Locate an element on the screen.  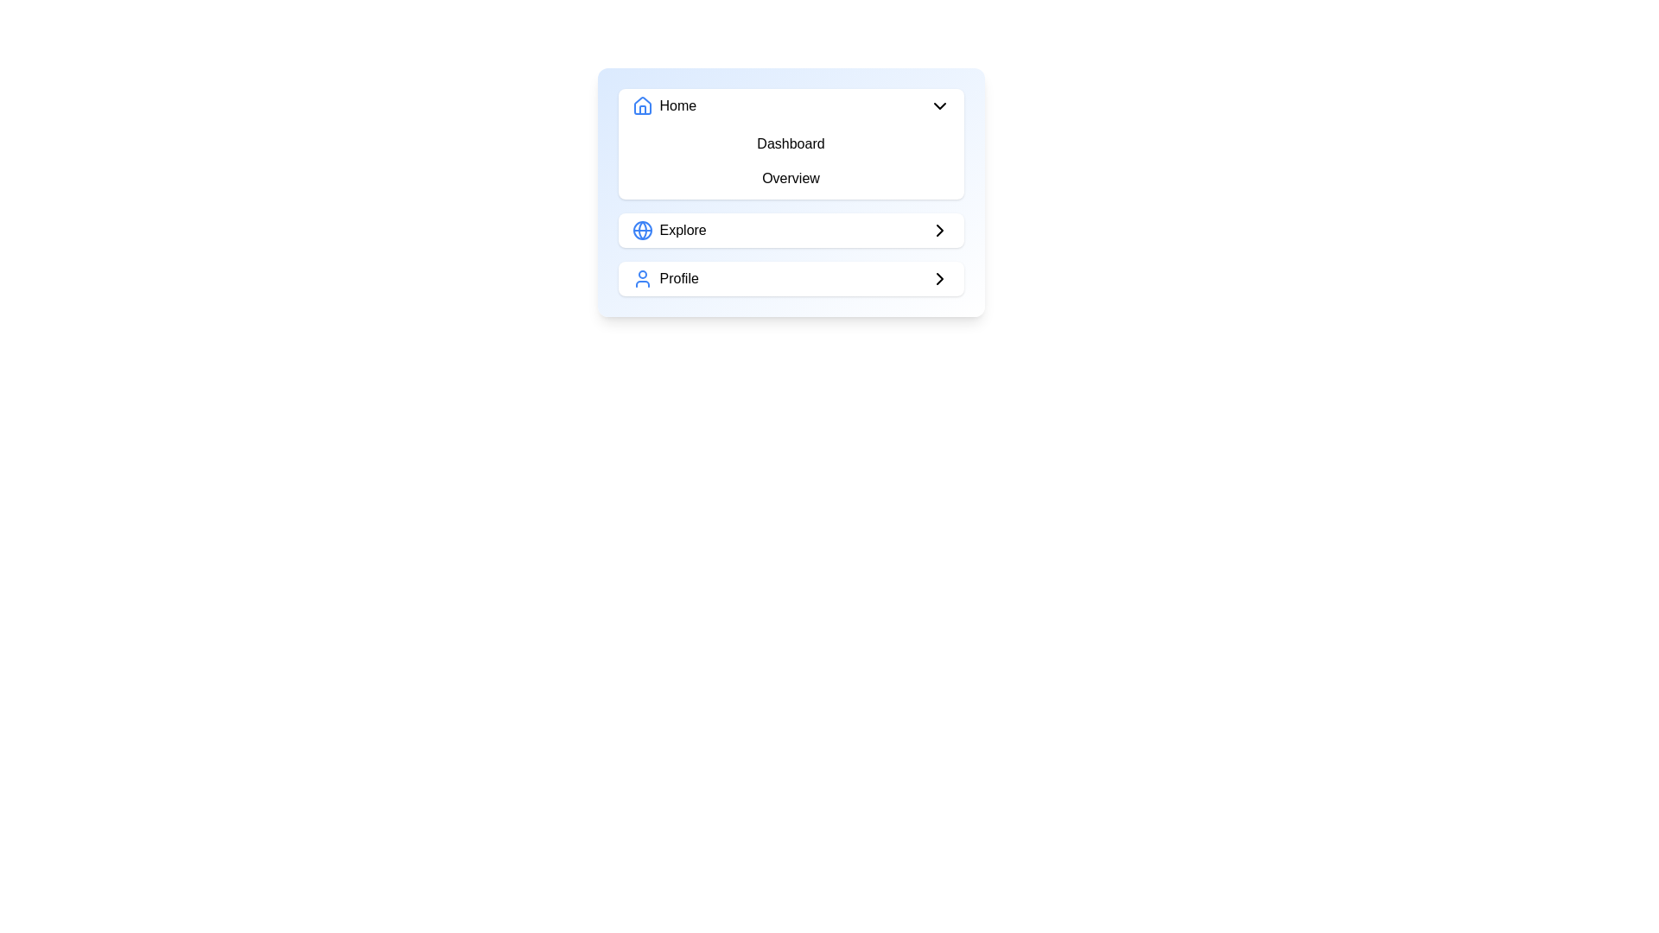
the small, downward-pointing black chevron icon located on the far right side of the 'Home' menu item is located at coordinates (938, 106).